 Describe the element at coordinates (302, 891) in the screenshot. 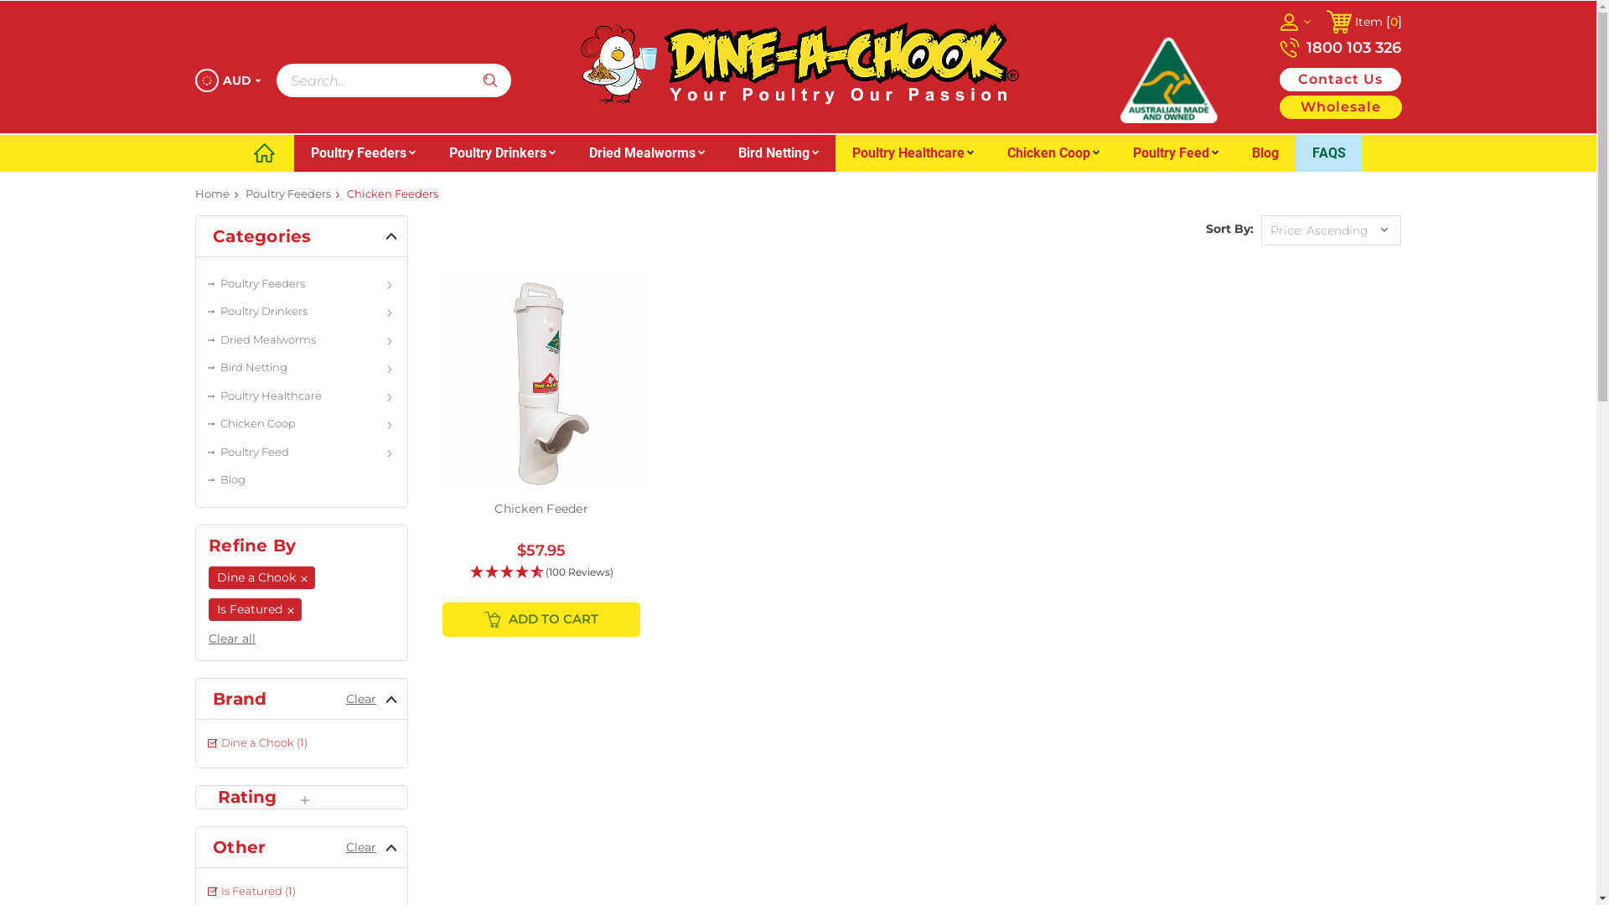

I see `'Is Featured (1)'` at that location.